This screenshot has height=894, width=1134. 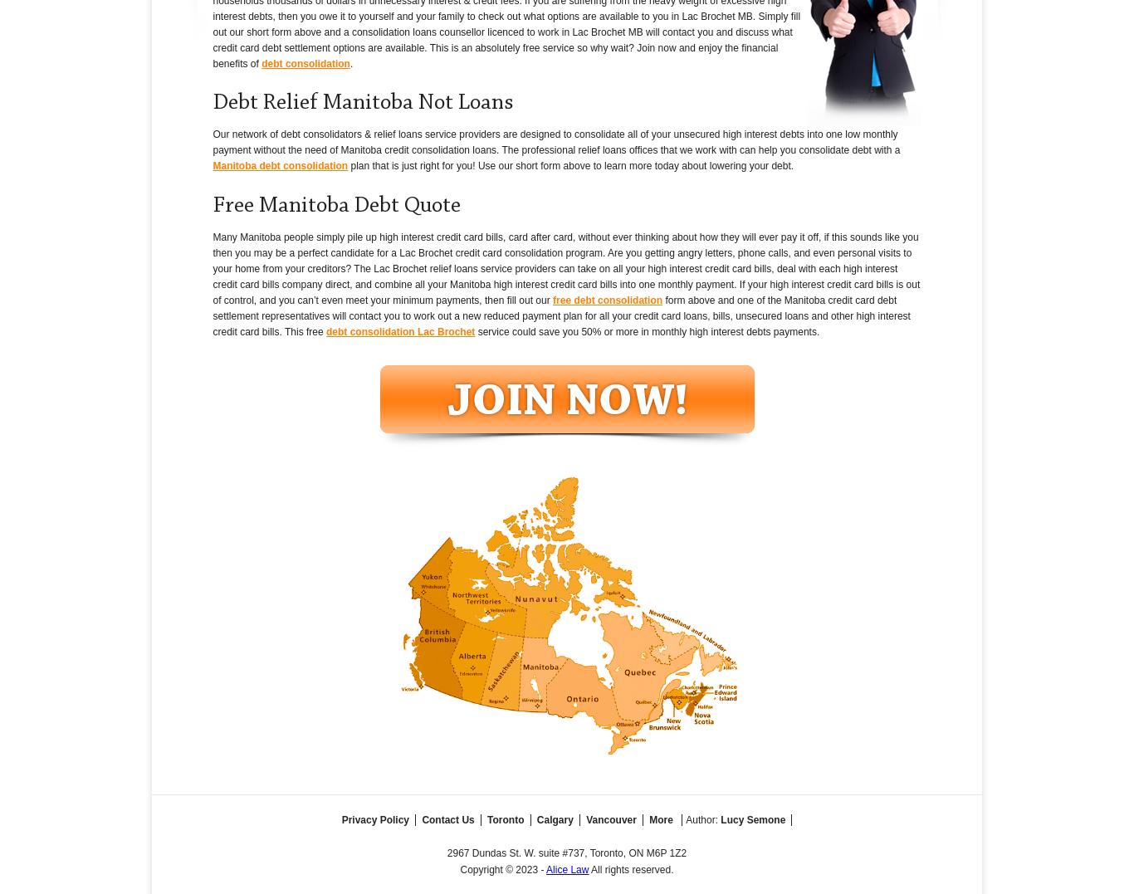 What do you see at coordinates (552, 299) in the screenshot?
I see `'free debt consolidation'` at bounding box center [552, 299].